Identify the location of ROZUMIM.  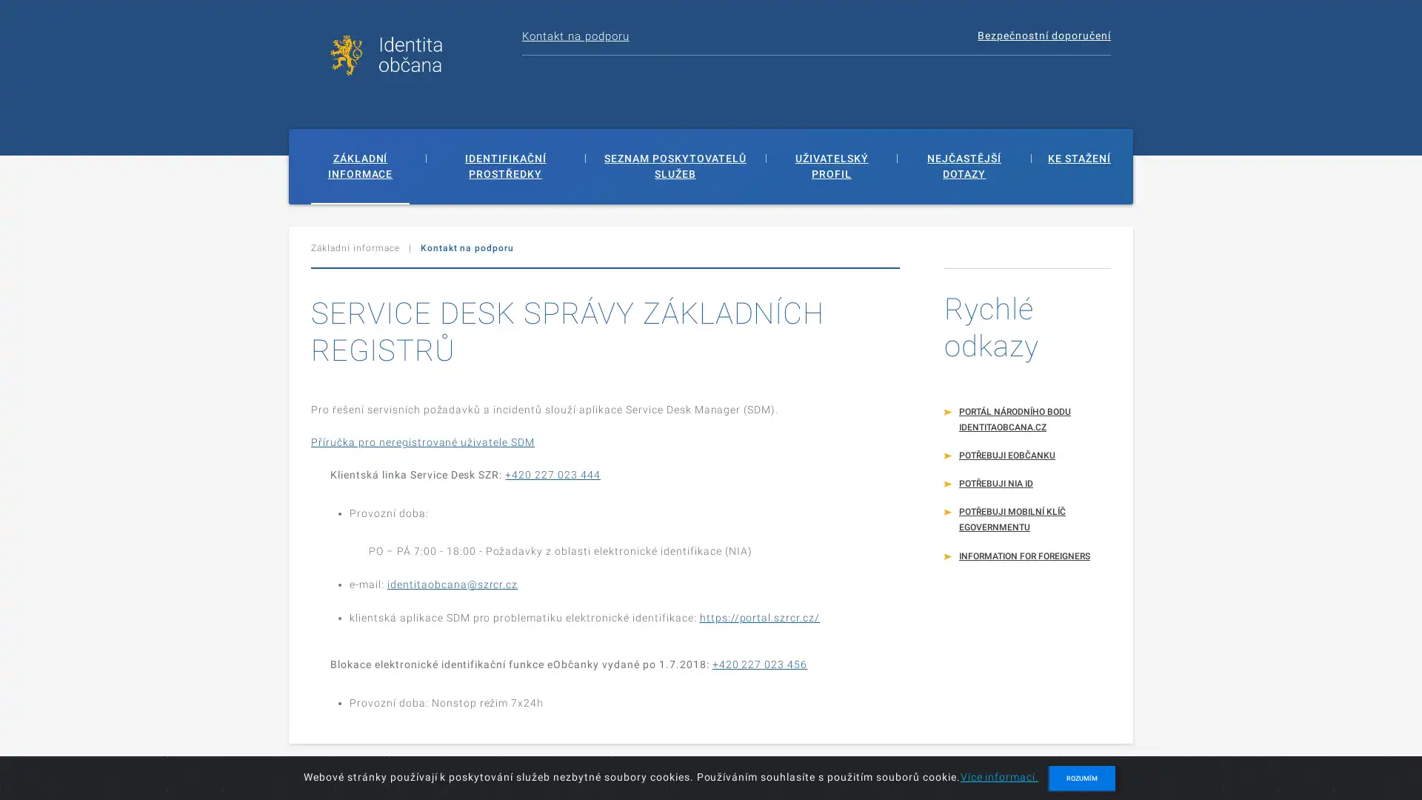
(1081, 776).